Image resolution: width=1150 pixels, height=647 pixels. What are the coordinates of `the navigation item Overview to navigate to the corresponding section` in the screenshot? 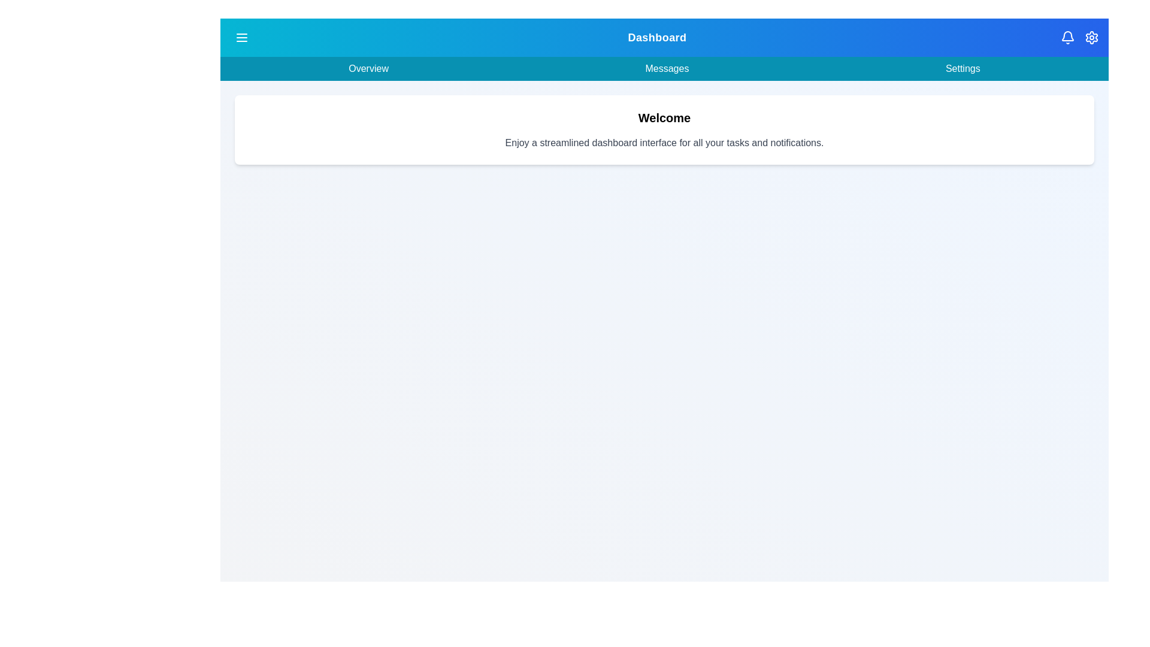 It's located at (368, 69).